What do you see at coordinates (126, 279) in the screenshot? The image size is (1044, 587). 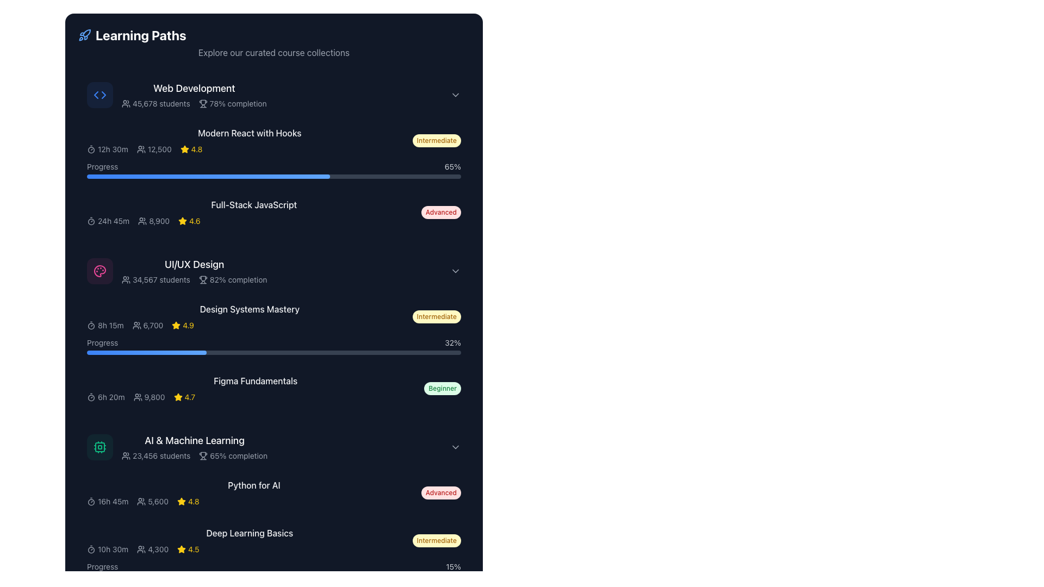 I see `the user icon represented as an SVG graphic, which consists of two overlapping human figures, located to the left of the text '34,567 students' within the 'UI/UX Design' course entry` at bounding box center [126, 279].